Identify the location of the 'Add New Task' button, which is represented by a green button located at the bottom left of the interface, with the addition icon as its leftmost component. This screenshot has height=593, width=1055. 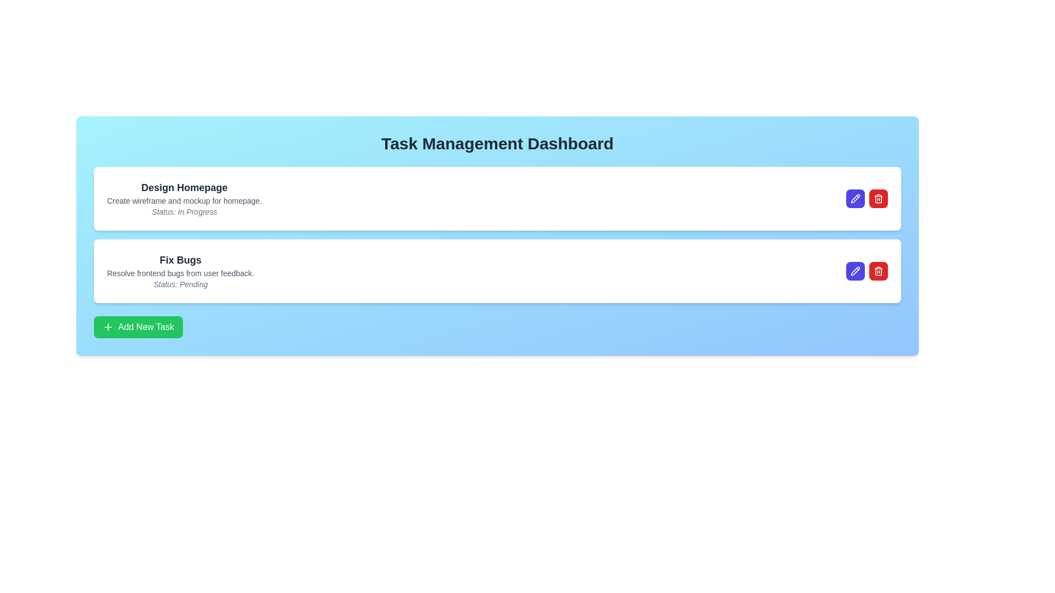
(108, 327).